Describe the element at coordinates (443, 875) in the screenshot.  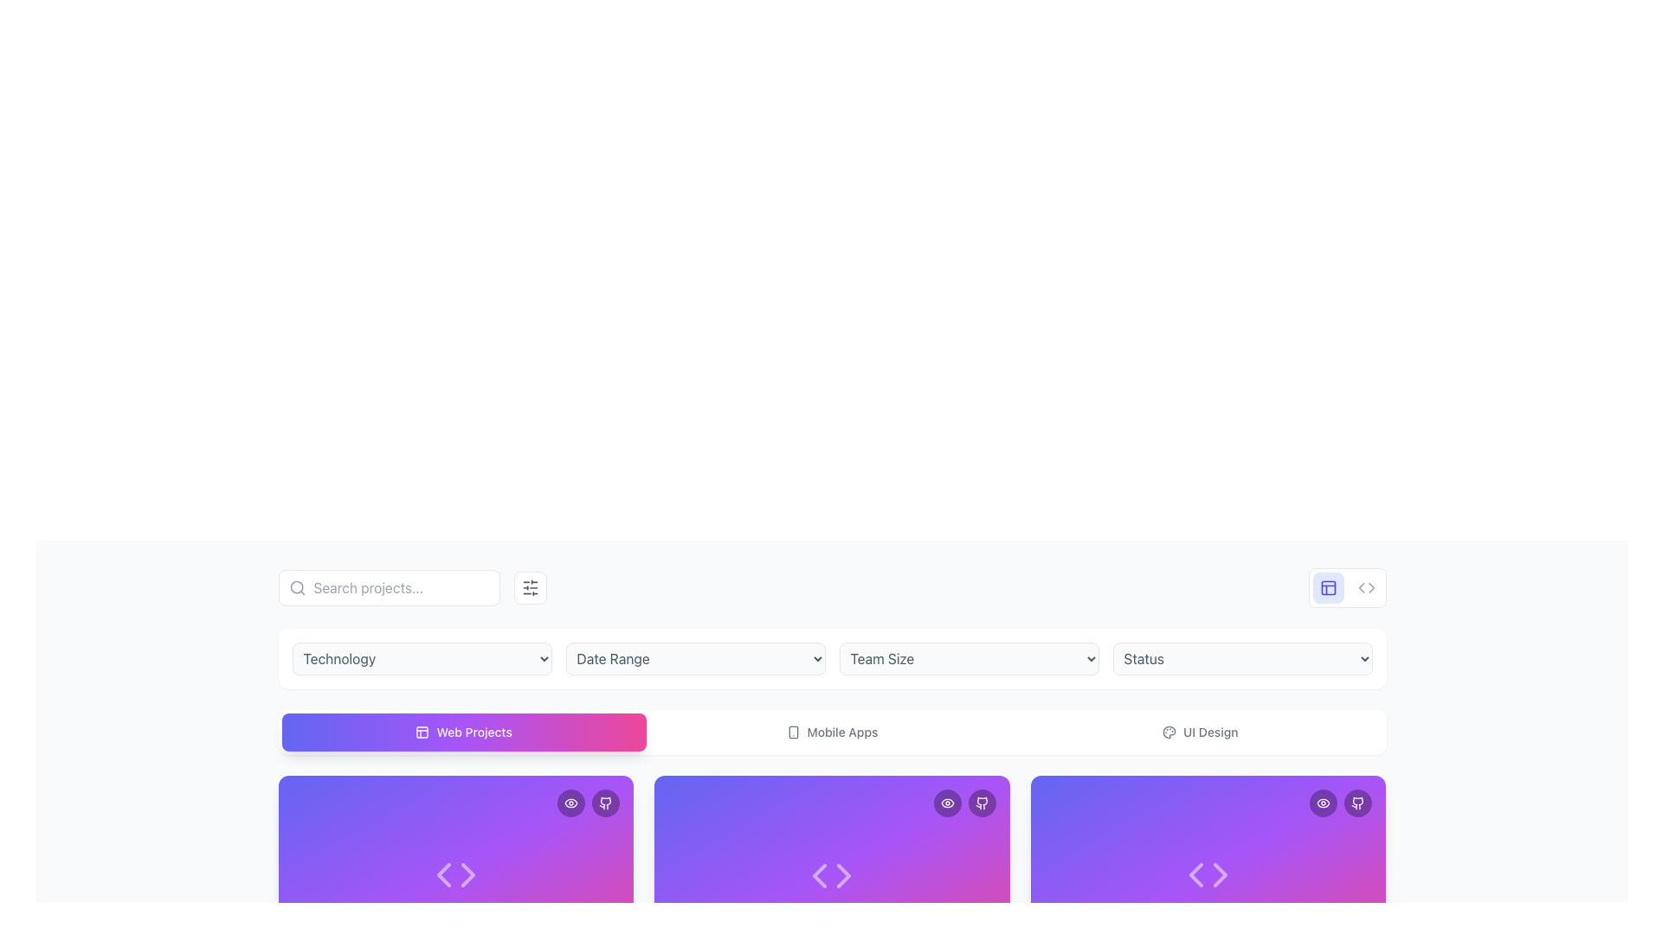
I see `the left-pointing chevron arrow button within the interactive card interface` at that location.